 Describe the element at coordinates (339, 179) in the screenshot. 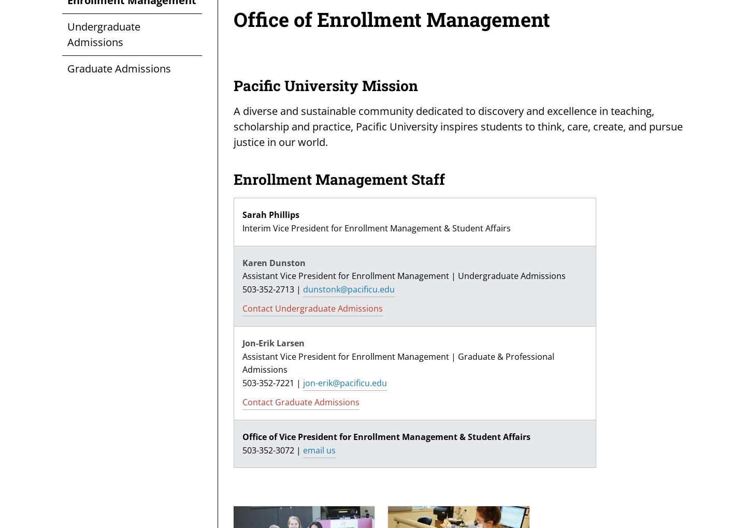

I see `'Enrollment Management Staff'` at that location.